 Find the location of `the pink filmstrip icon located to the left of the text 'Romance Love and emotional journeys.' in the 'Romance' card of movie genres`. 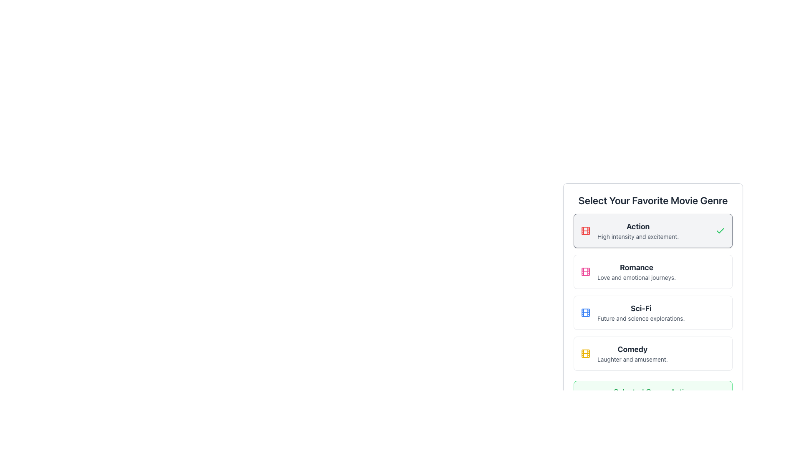

the pink filmstrip icon located to the left of the text 'Romance Love and emotional journeys.' in the 'Romance' card of movie genres is located at coordinates (585, 272).